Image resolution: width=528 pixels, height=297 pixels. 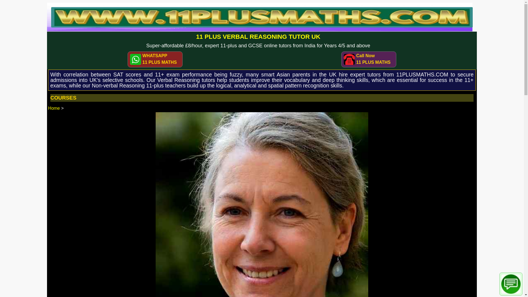 What do you see at coordinates (369, 59) in the screenshot?
I see `'Call Now` at bounding box center [369, 59].